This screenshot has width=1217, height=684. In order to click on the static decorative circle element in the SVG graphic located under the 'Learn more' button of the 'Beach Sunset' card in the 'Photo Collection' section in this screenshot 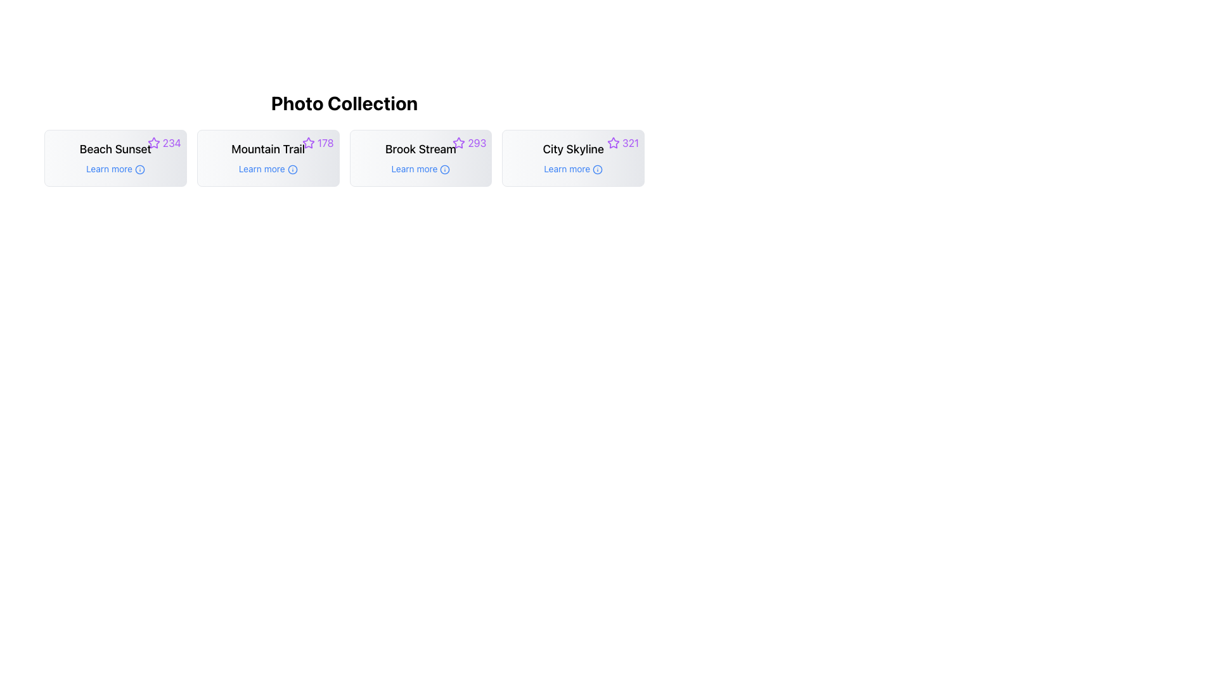, I will do `click(139, 169)`.